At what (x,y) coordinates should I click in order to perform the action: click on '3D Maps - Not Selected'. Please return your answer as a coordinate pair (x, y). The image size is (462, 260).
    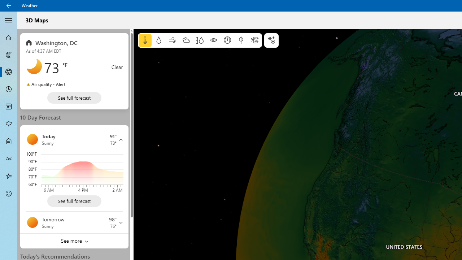
    Looking at the image, I should click on (9, 72).